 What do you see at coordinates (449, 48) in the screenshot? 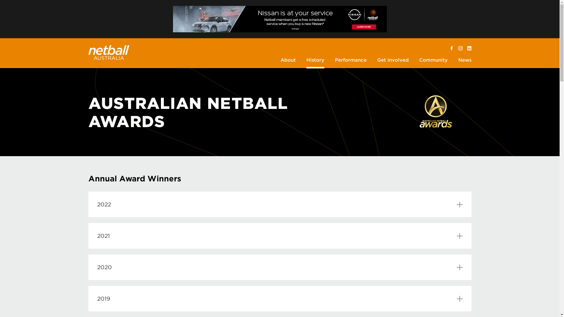
I see `'Netball Australia Facebook'` at bounding box center [449, 48].